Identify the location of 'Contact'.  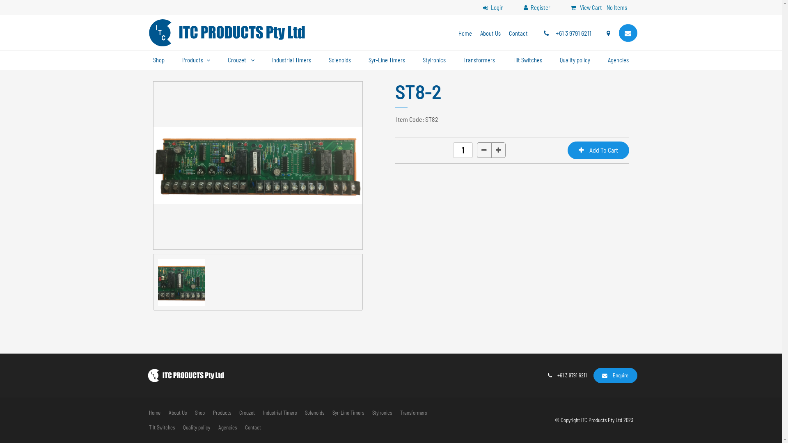
(518, 33).